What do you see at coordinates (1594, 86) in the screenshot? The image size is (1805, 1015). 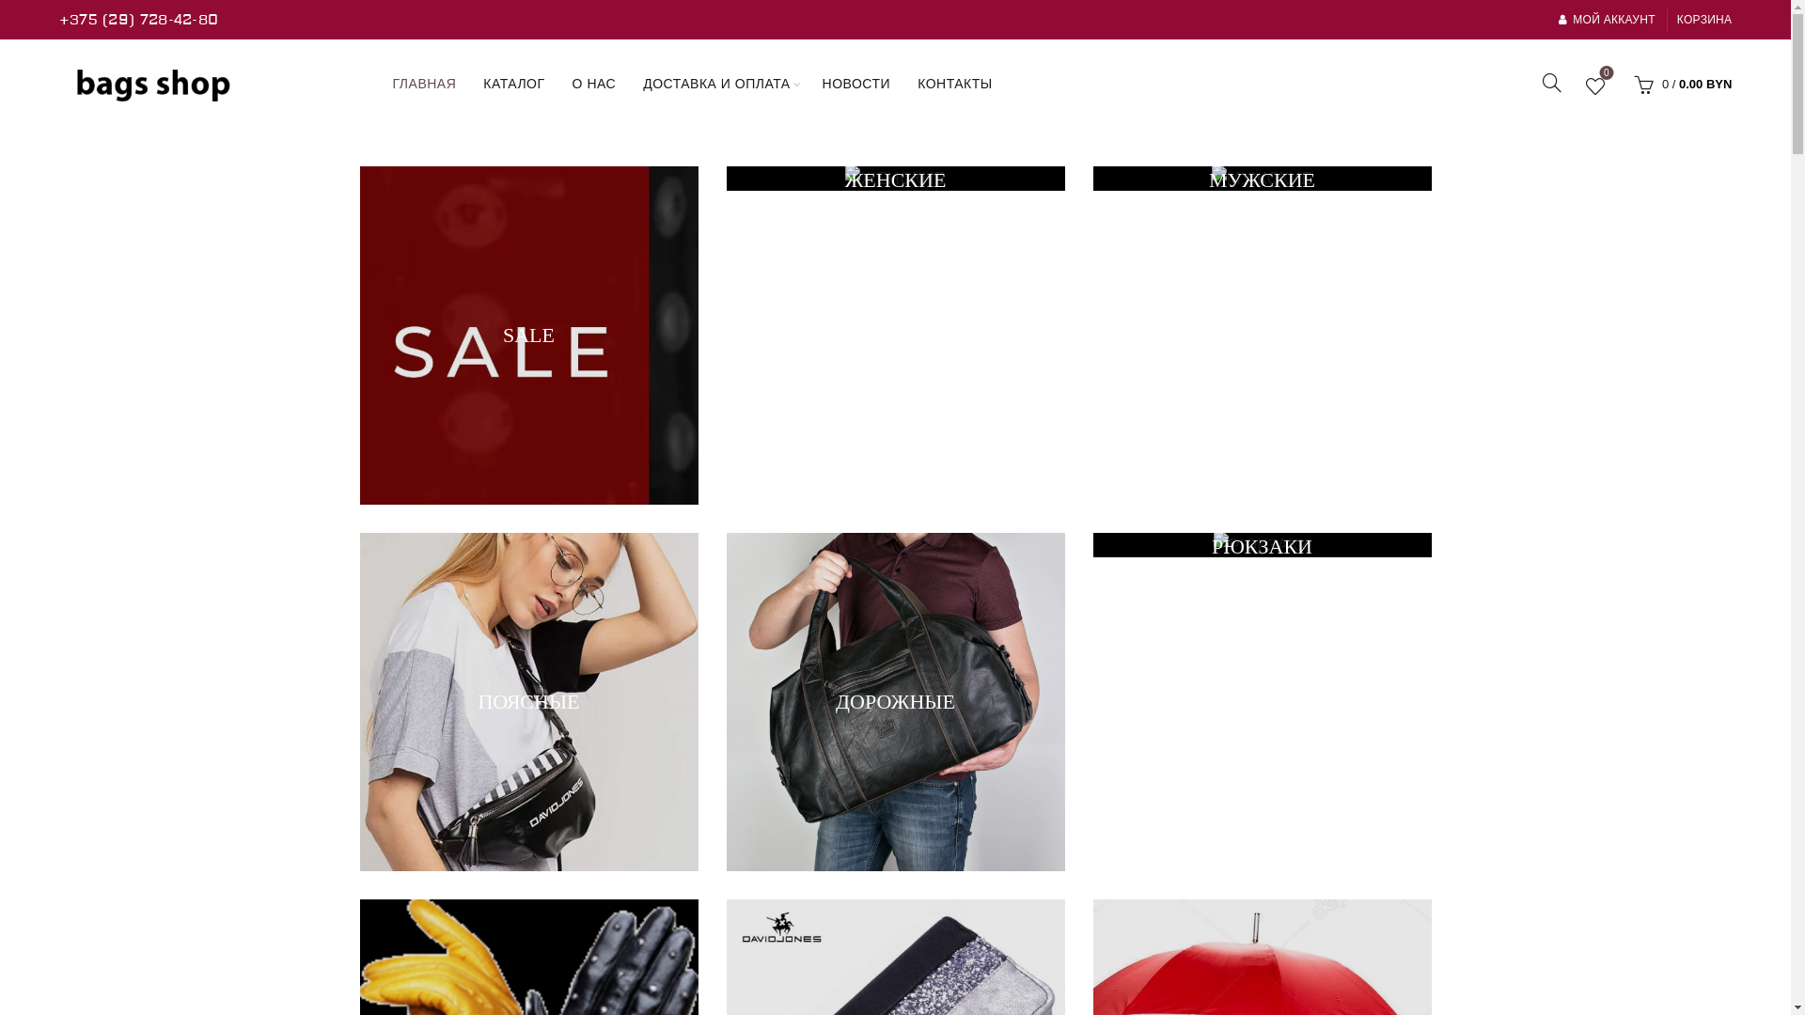 I see `'Wishlist` at bounding box center [1594, 86].